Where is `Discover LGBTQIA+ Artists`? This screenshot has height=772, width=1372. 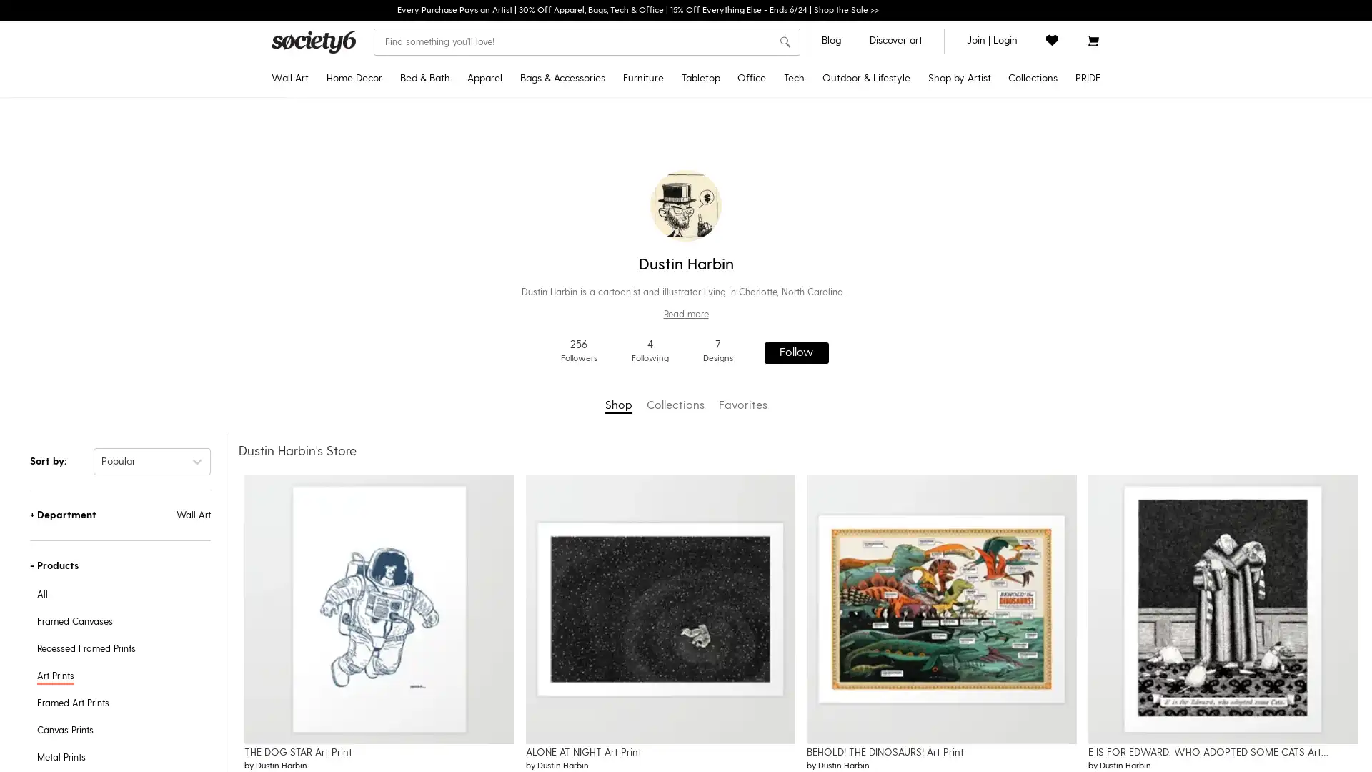
Discover LGBTQIA+ Artists is located at coordinates (1030, 137).